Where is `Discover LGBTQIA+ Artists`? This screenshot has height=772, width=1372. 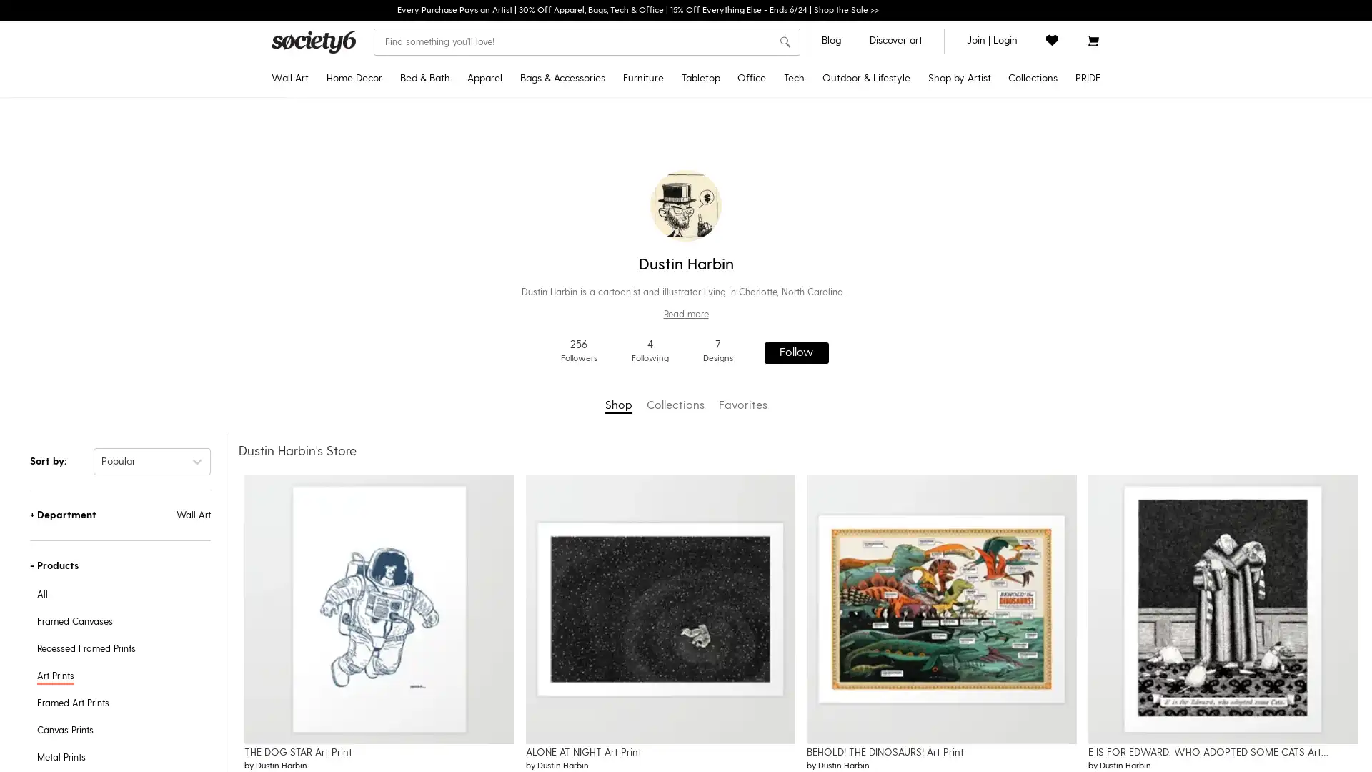
Discover LGBTQIA+ Artists is located at coordinates (1030, 137).